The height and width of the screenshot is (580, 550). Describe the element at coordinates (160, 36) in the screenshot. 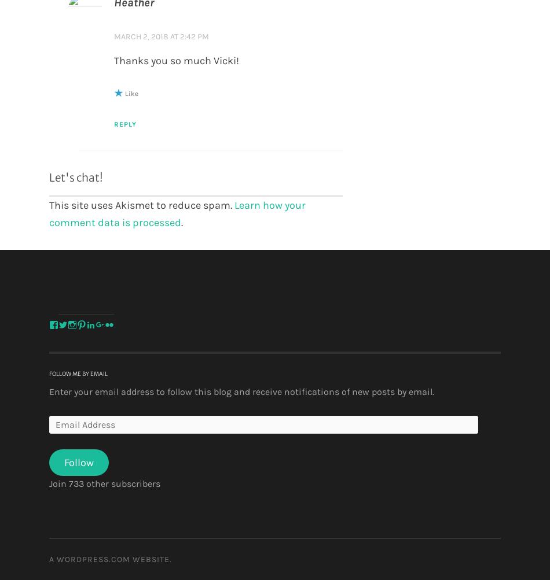

I see `'March 2, 2018 at 2:42 pm'` at that location.